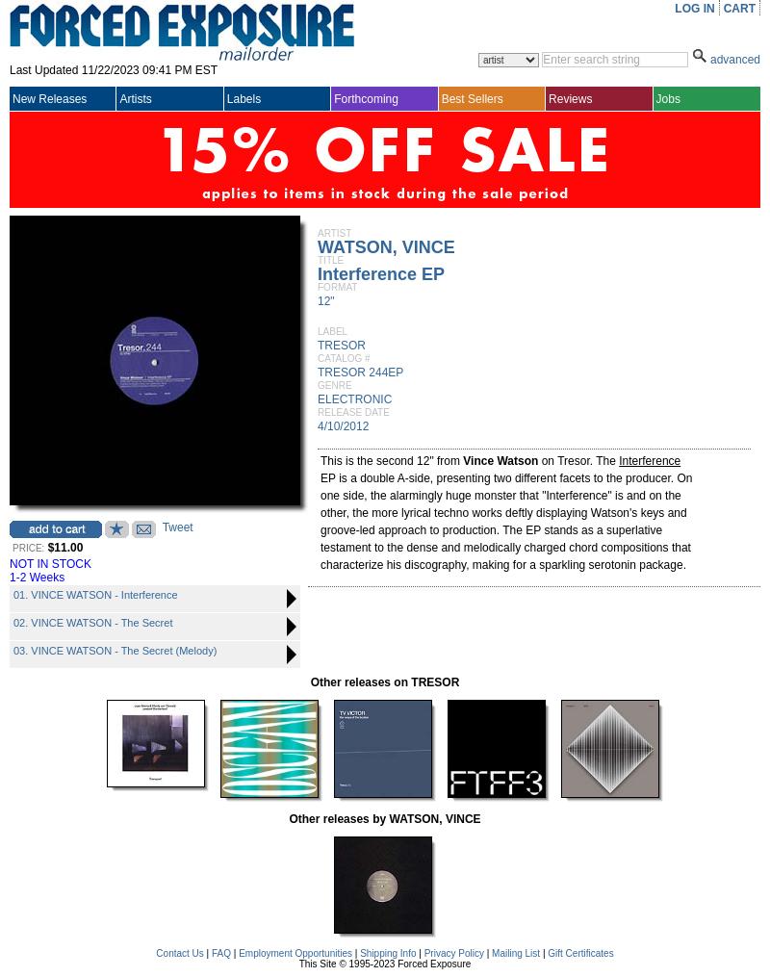 This screenshot has height=977, width=770. What do you see at coordinates (359, 373) in the screenshot?
I see `'TRESOR 244EP'` at bounding box center [359, 373].